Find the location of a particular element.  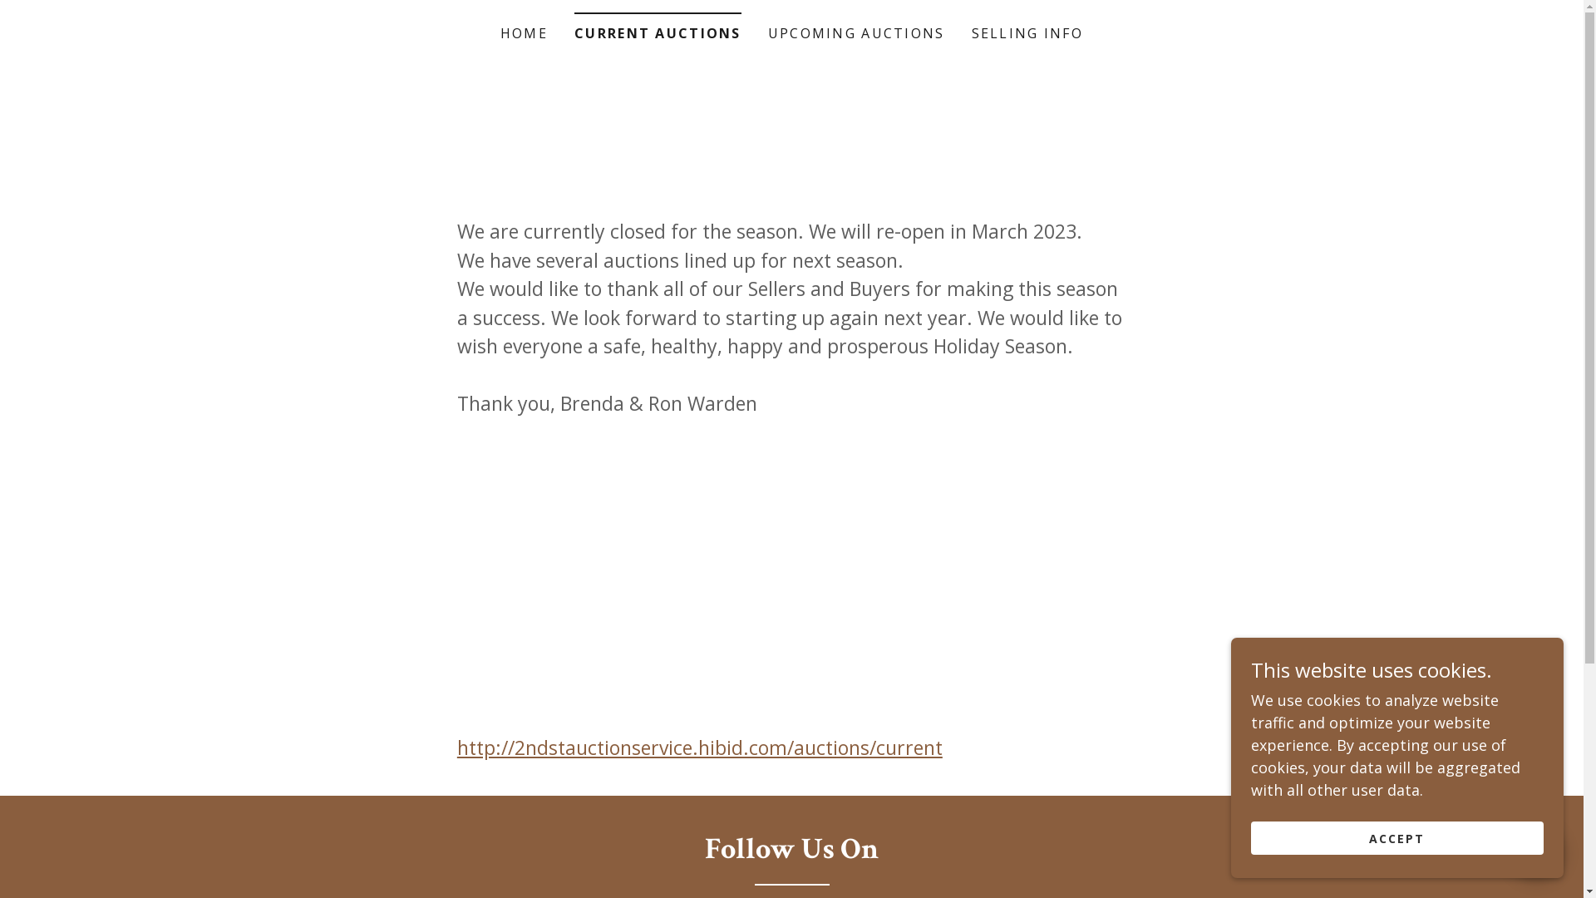

'ACCEPT' is located at coordinates (1396, 837).